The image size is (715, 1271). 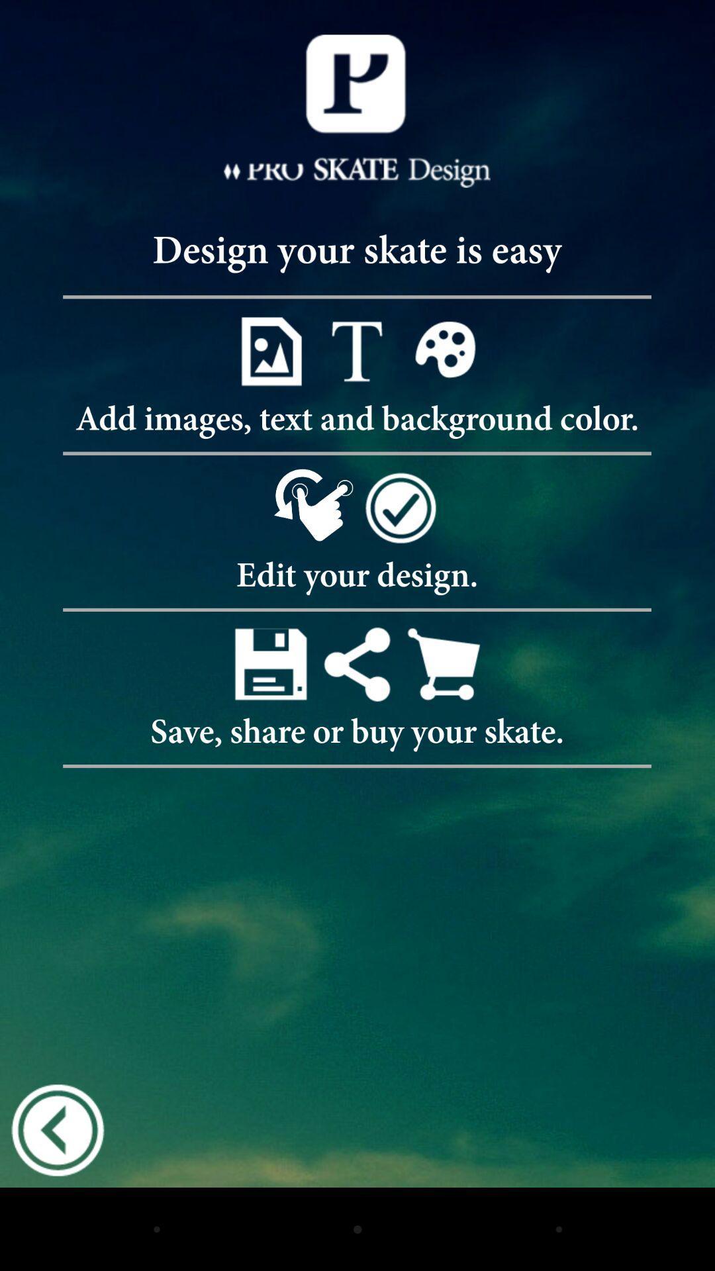 What do you see at coordinates (444, 351) in the screenshot?
I see `change background color` at bounding box center [444, 351].